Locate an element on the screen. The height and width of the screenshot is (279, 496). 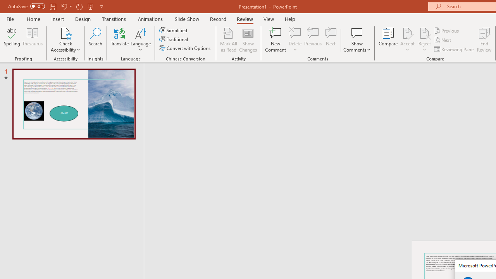
'Translate' is located at coordinates (119, 40).